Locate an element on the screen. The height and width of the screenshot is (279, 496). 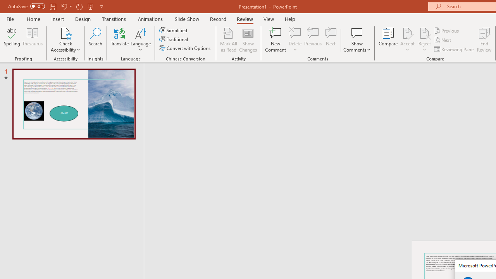
'Translate' is located at coordinates (119, 40).